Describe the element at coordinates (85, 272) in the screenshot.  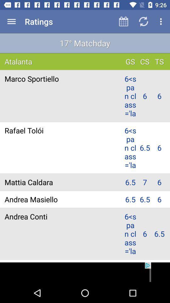
I see `advertisement` at that location.